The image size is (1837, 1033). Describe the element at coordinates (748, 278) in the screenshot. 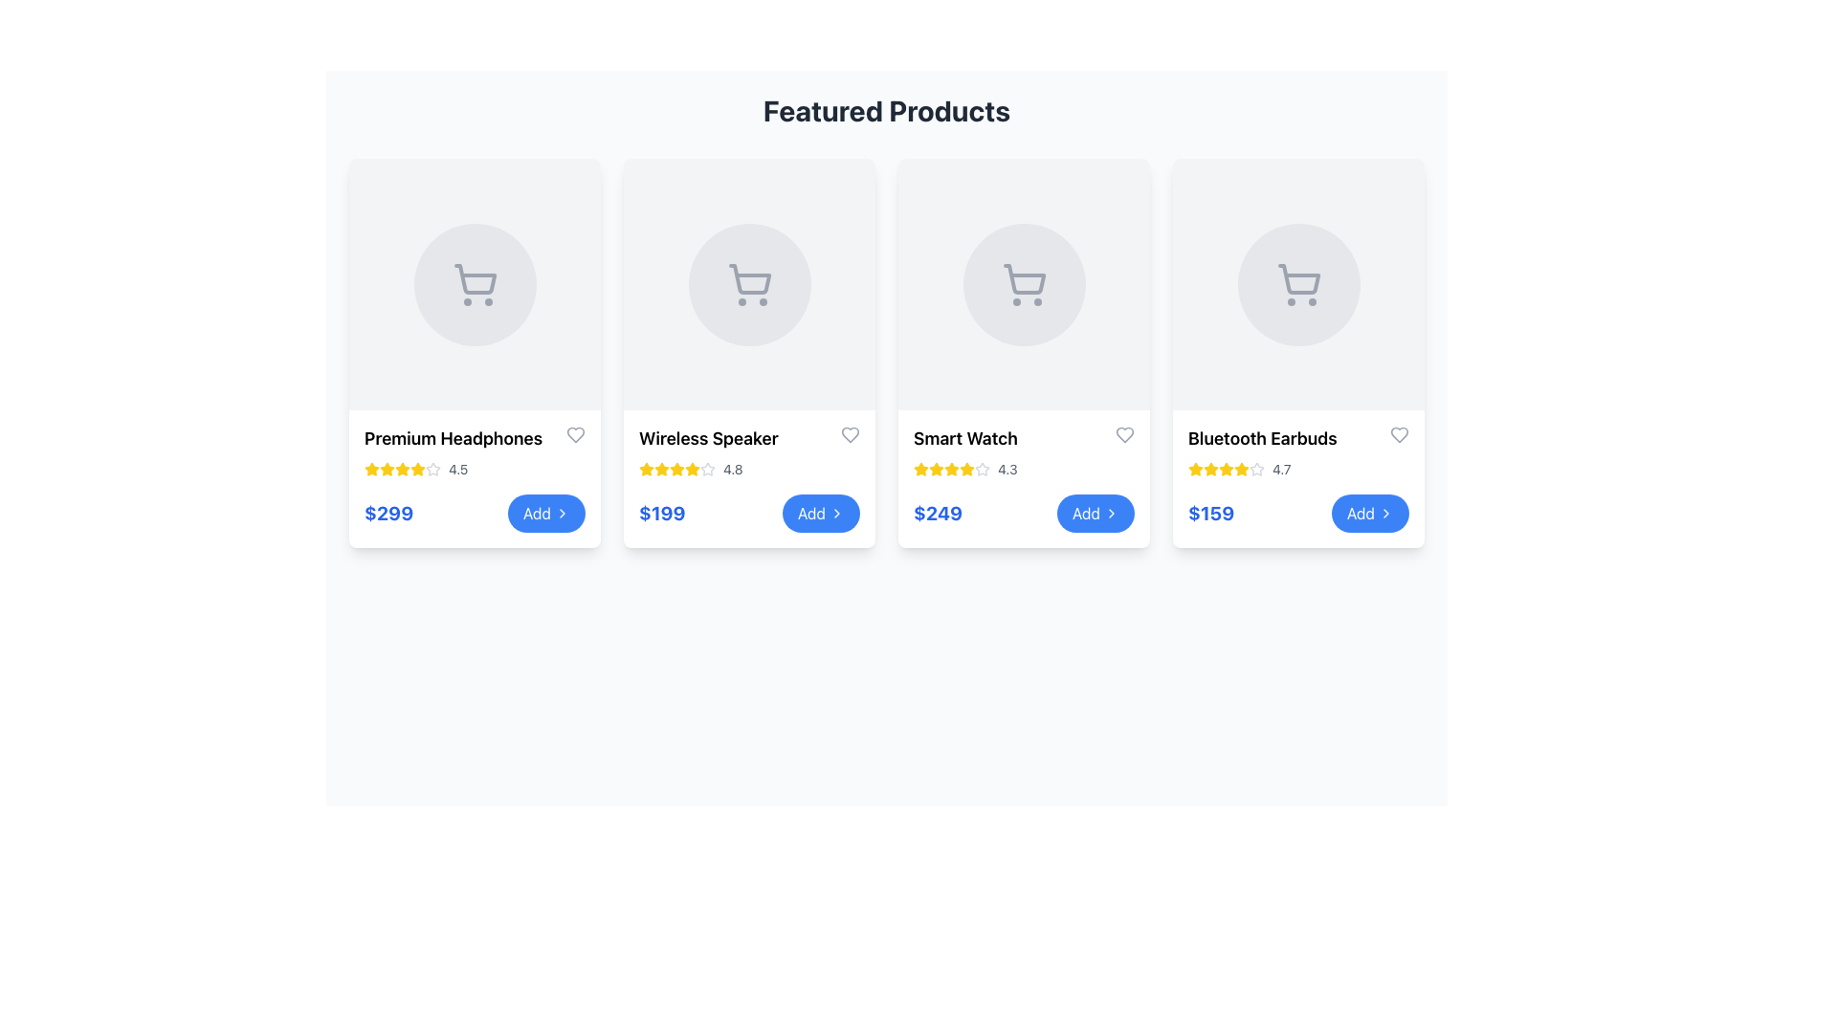

I see `the shopping cart basket icon, which is a gray outline within a circular gray placeholder, located in the second card titled 'Wireless Speaker'` at that location.